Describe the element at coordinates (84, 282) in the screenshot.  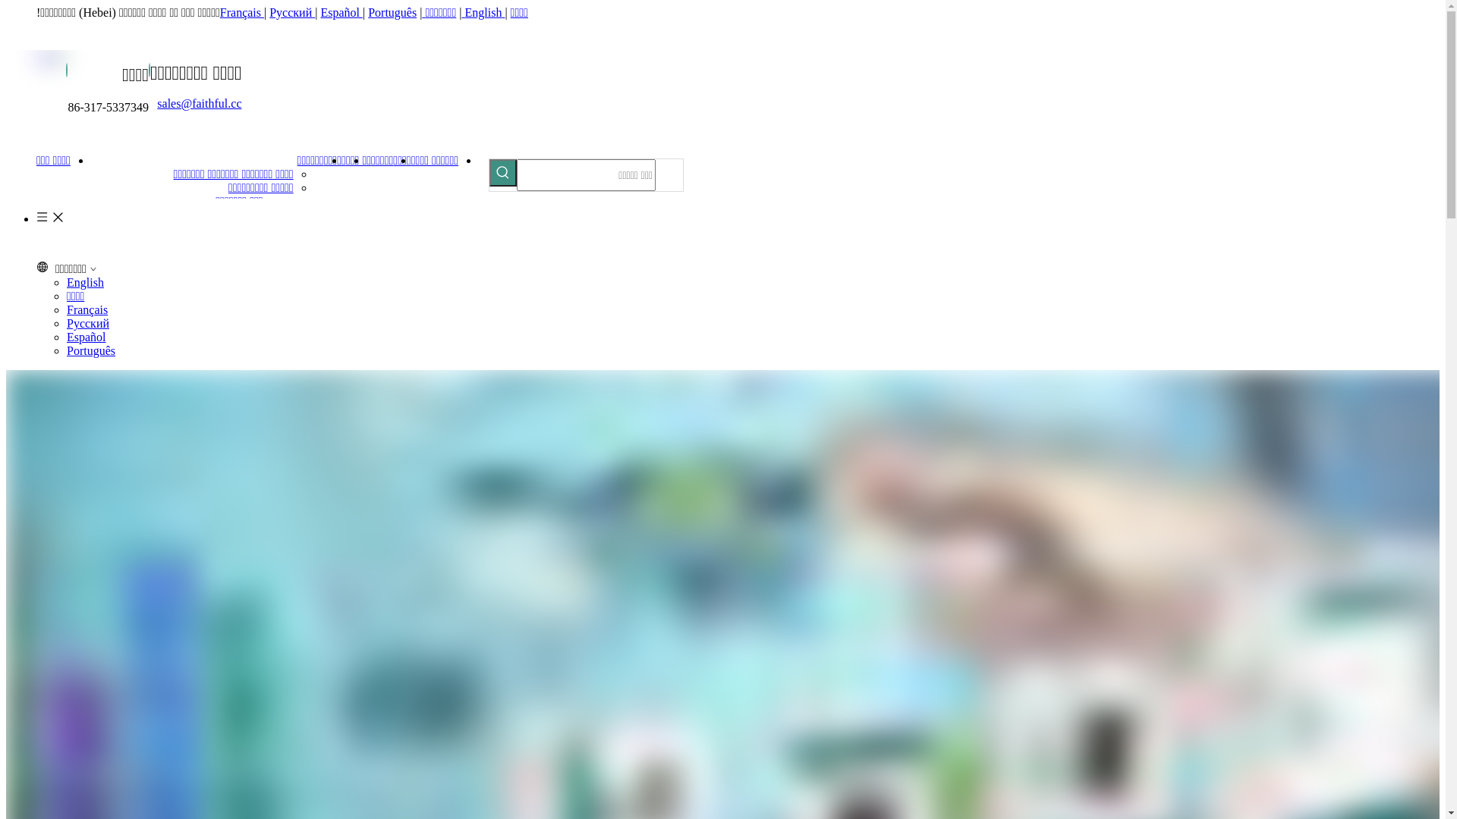
I see `'English'` at that location.